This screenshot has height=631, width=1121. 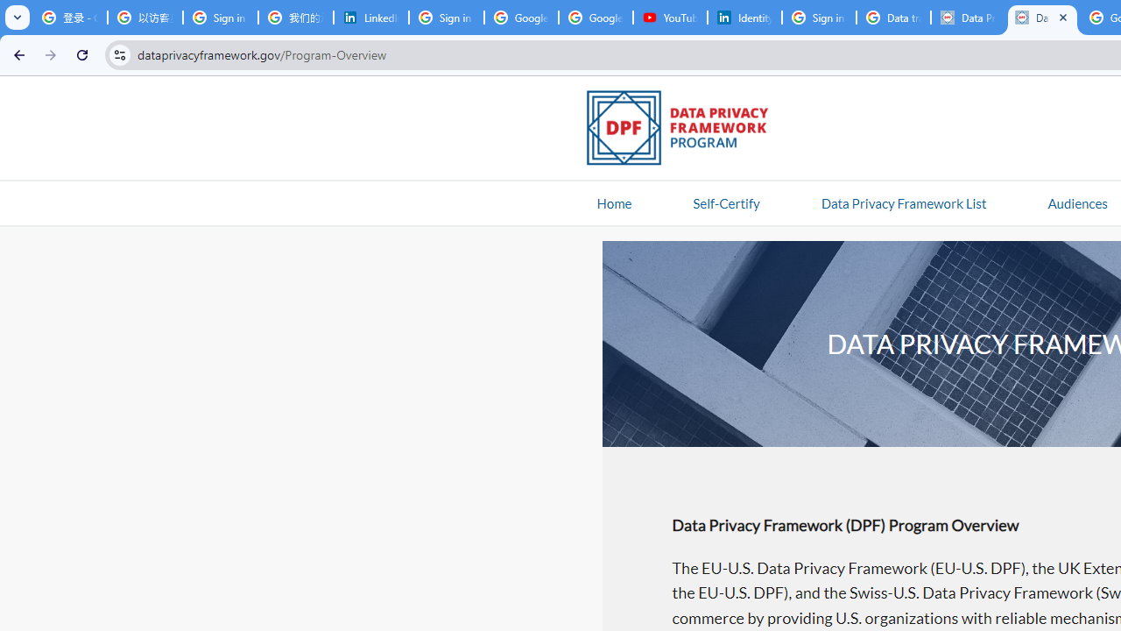 I want to click on 'AutomationID: navitem', so click(x=1076, y=202).